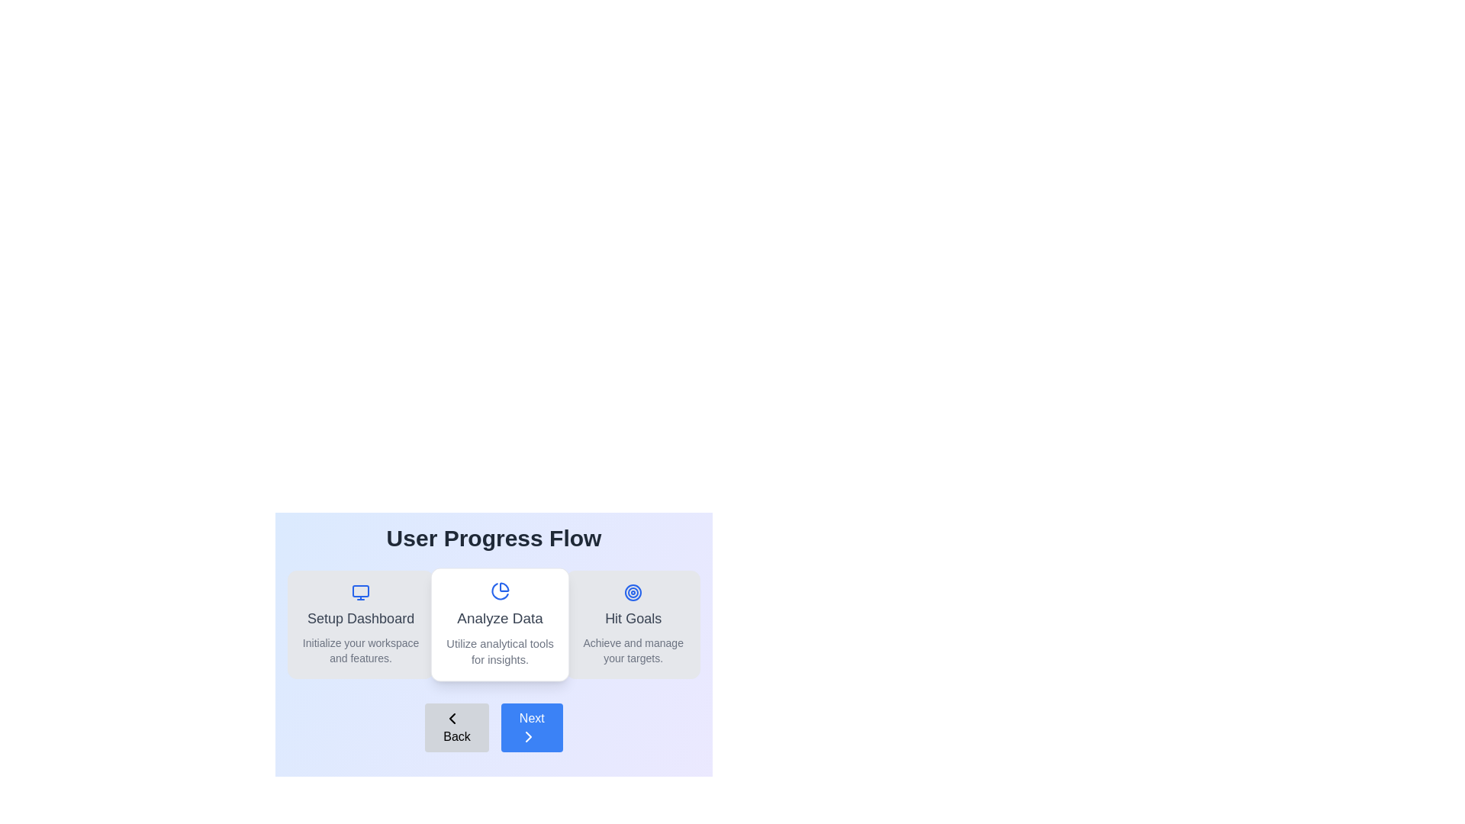  What do you see at coordinates (532, 726) in the screenshot?
I see `the 'Next' button to navigate to the next step` at bounding box center [532, 726].